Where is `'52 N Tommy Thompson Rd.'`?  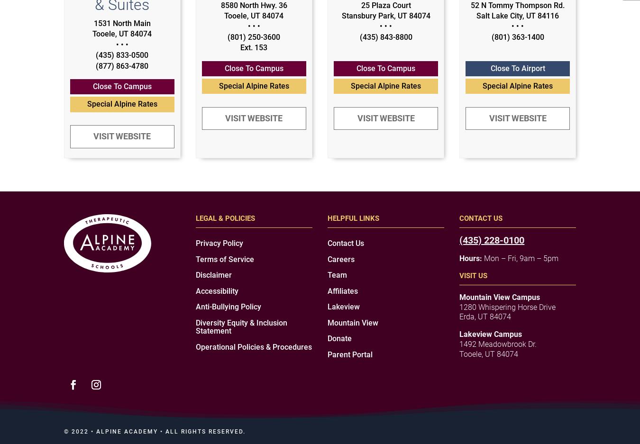 '52 N Tommy Thompson Rd.' is located at coordinates (518, 4).